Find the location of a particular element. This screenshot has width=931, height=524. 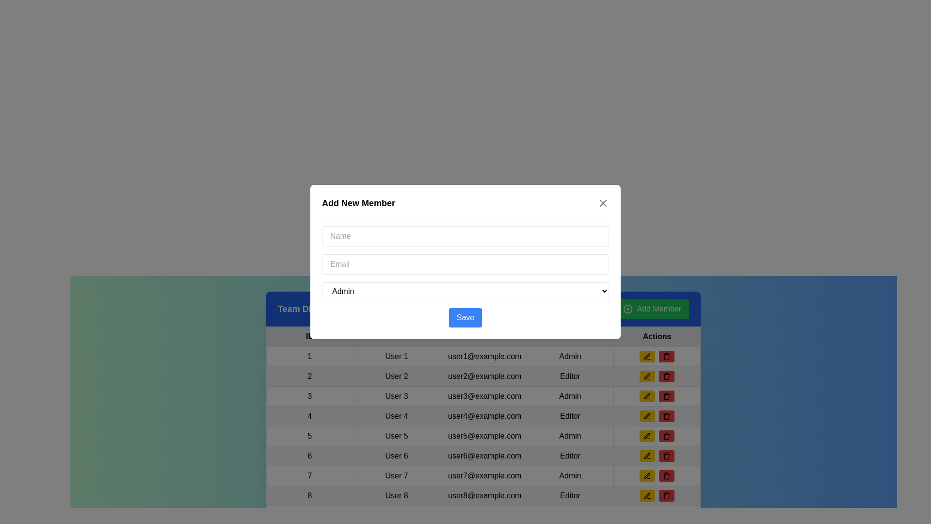

the table cell displaying 'User 5' is located at coordinates (396, 435).